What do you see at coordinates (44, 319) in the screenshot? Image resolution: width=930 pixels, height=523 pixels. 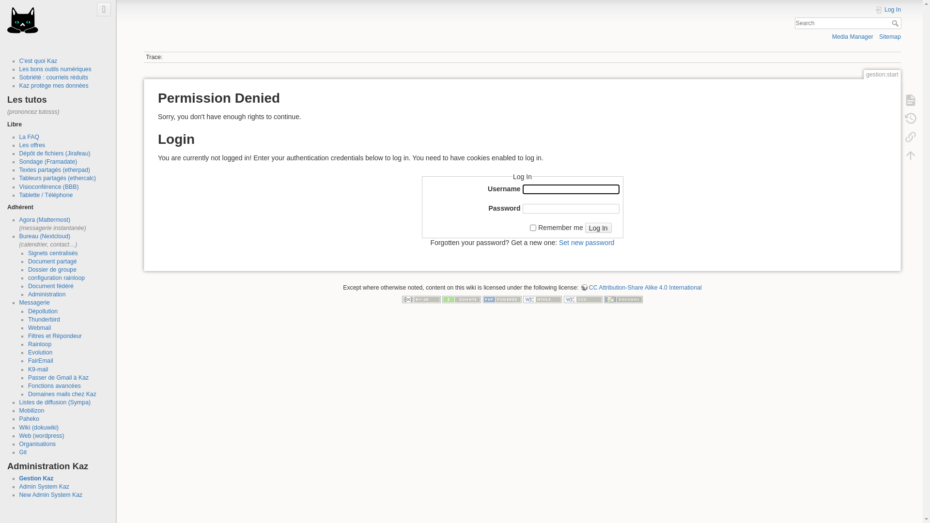 I see `'Thunderbird'` at bounding box center [44, 319].